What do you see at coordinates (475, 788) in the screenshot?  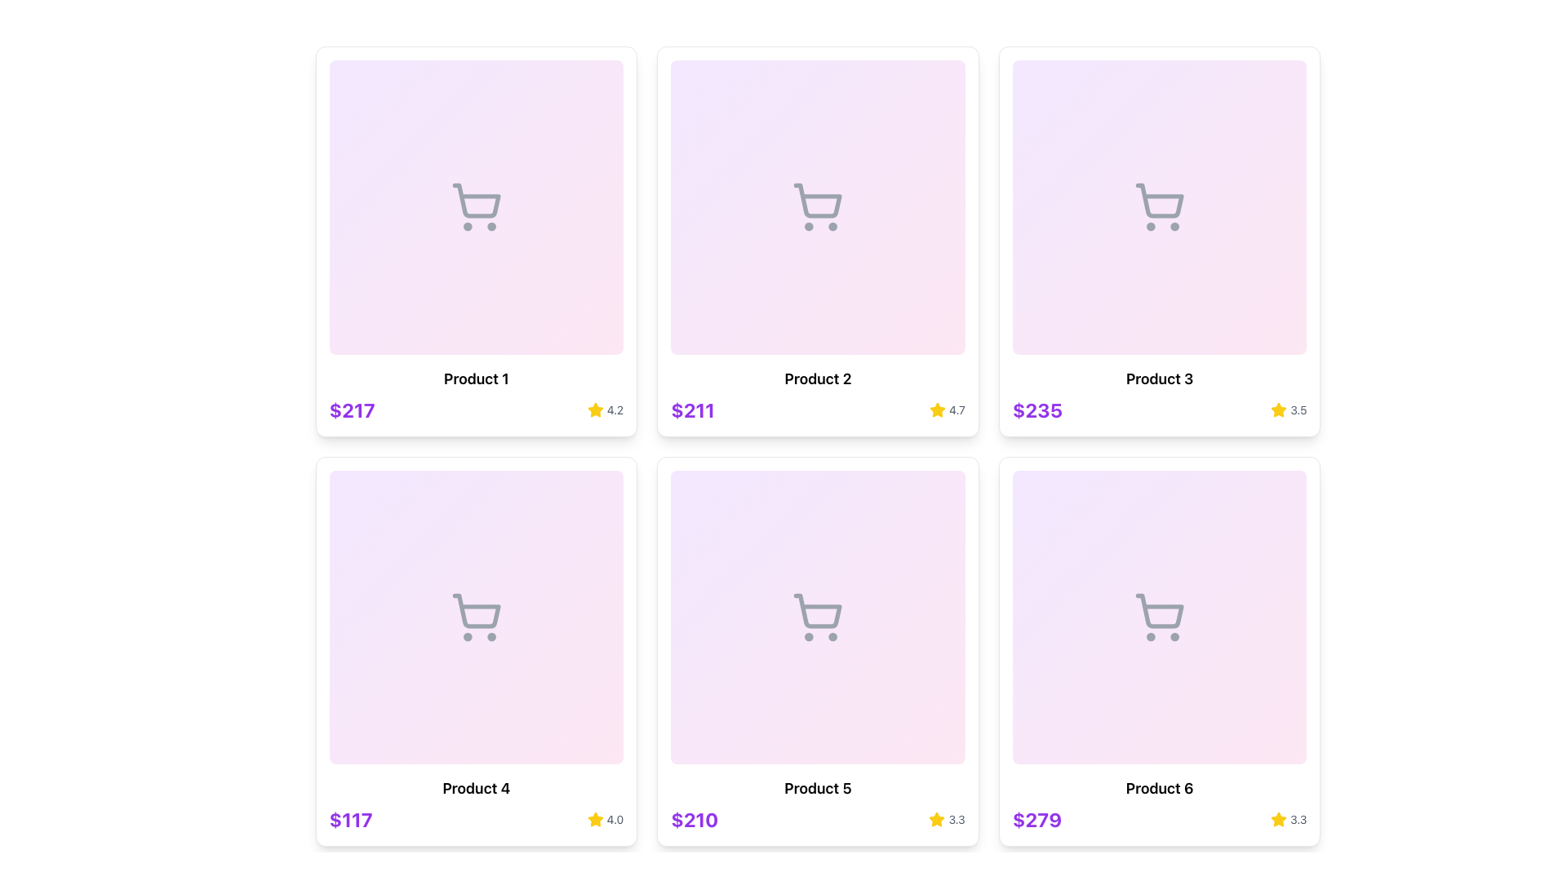 I see `the text label 'Product 4' displayed in bold and large font, which is located in the second row, first column of a product card layout, positioned below the product image and above the price` at bounding box center [475, 788].